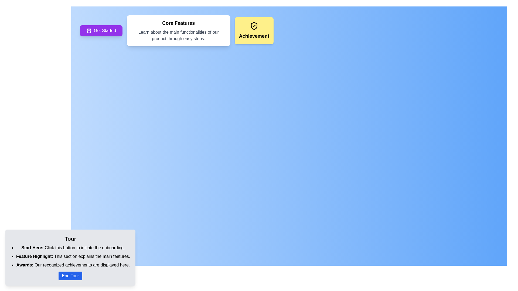  Describe the element at coordinates (101, 31) in the screenshot. I see `the 'Get Started' button to observe any hover effects` at that location.